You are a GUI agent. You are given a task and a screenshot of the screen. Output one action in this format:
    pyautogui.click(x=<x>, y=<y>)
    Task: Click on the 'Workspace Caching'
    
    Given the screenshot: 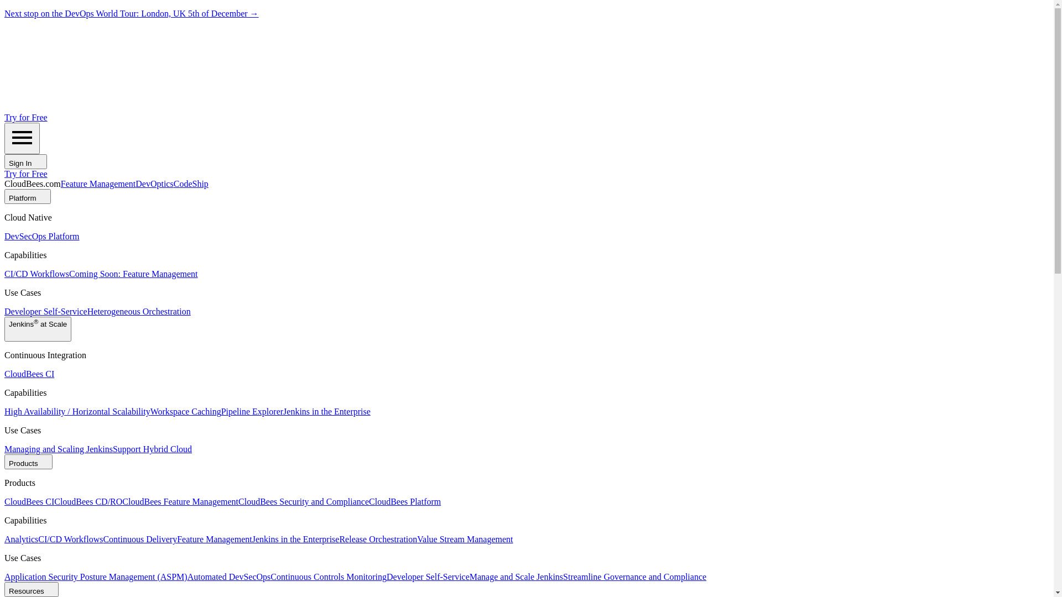 What is the action you would take?
    pyautogui.click(x=150, y=411)
    